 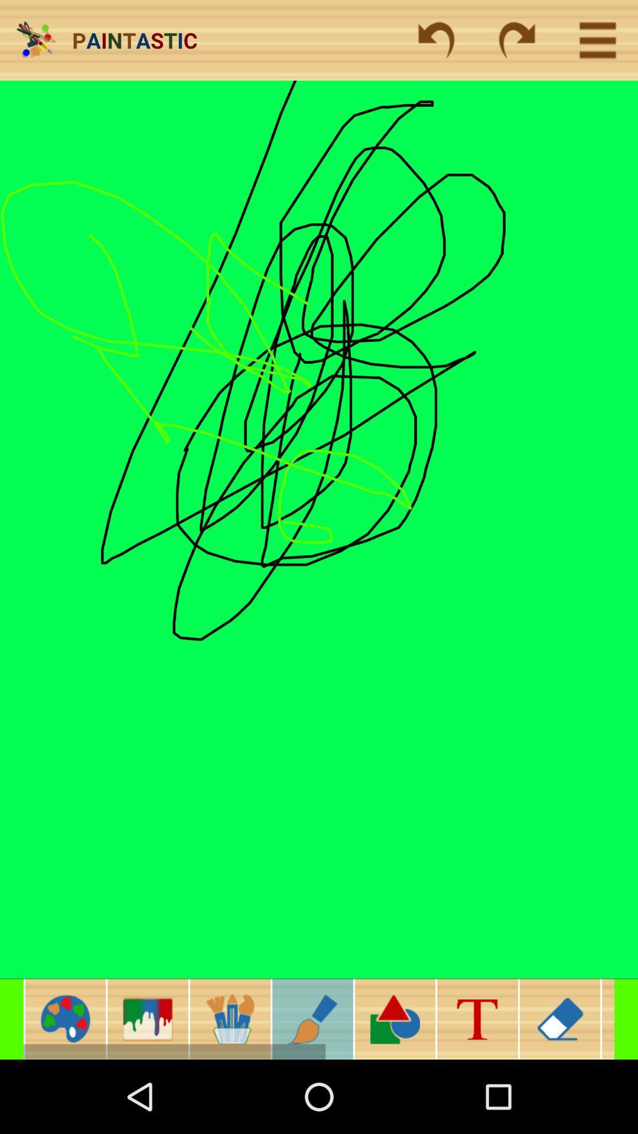 I want to click on the menu icon, so click(x=608, y=1018).